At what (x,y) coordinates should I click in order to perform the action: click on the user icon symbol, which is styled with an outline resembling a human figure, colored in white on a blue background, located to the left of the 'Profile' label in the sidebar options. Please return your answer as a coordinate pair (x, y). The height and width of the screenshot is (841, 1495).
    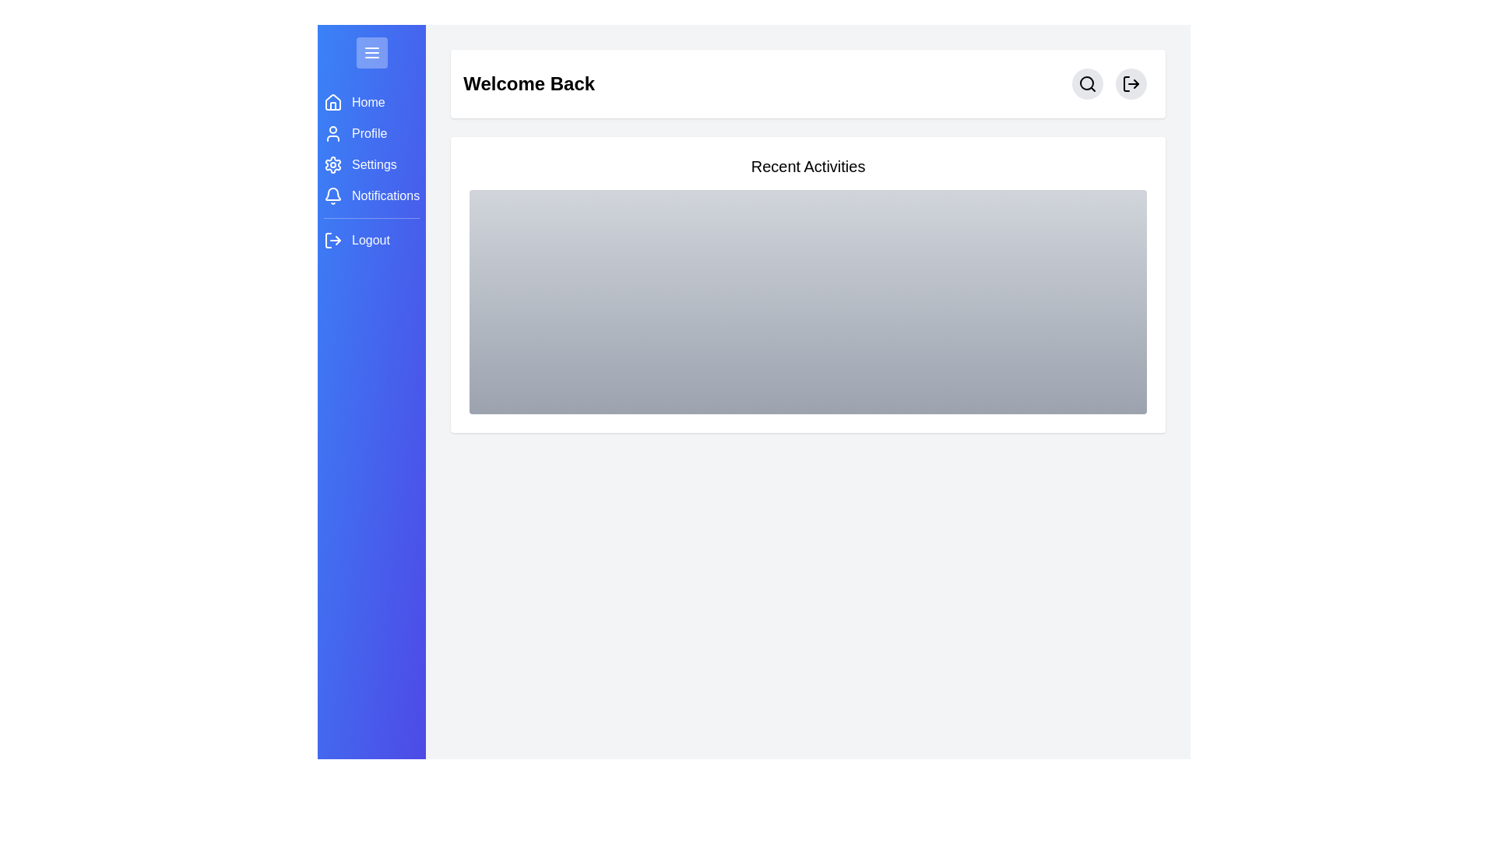
    Looking at the image, I should click on (332, 133).